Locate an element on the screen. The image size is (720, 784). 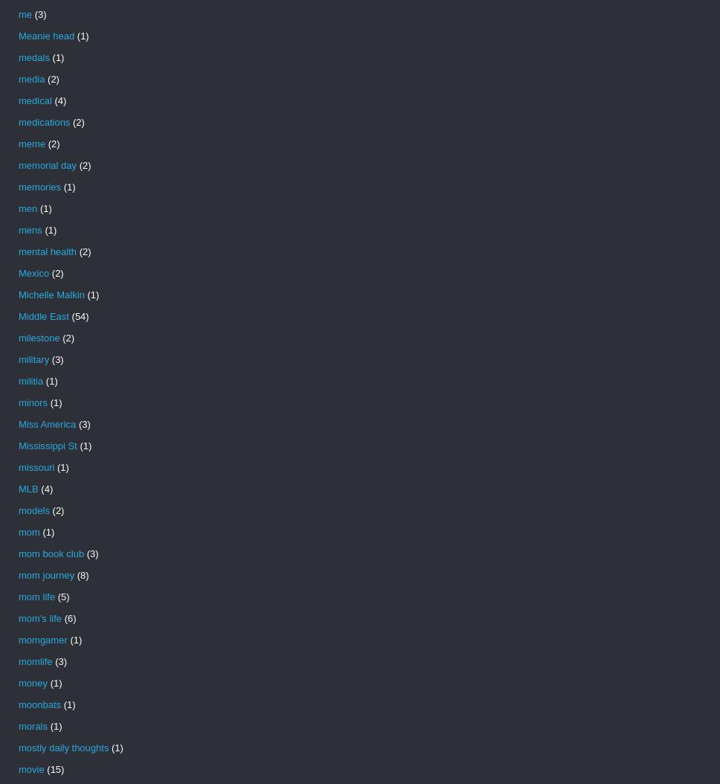
'mom journey' is located at coordinates (45, 575).